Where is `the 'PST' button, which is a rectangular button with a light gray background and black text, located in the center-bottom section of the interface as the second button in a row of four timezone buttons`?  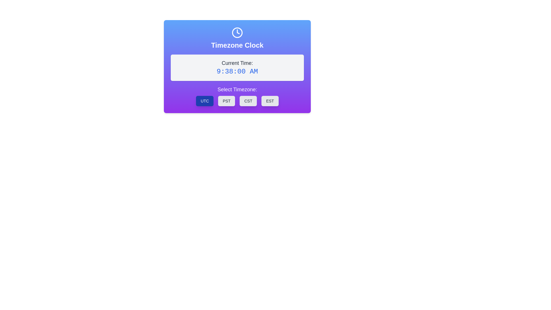 the 'PST' button, which is a rectangular button with a light gray background and black text, located in the center-bottom section of the interface as the second button in a row of four timezone buttons is located at coordinates (226, 100).